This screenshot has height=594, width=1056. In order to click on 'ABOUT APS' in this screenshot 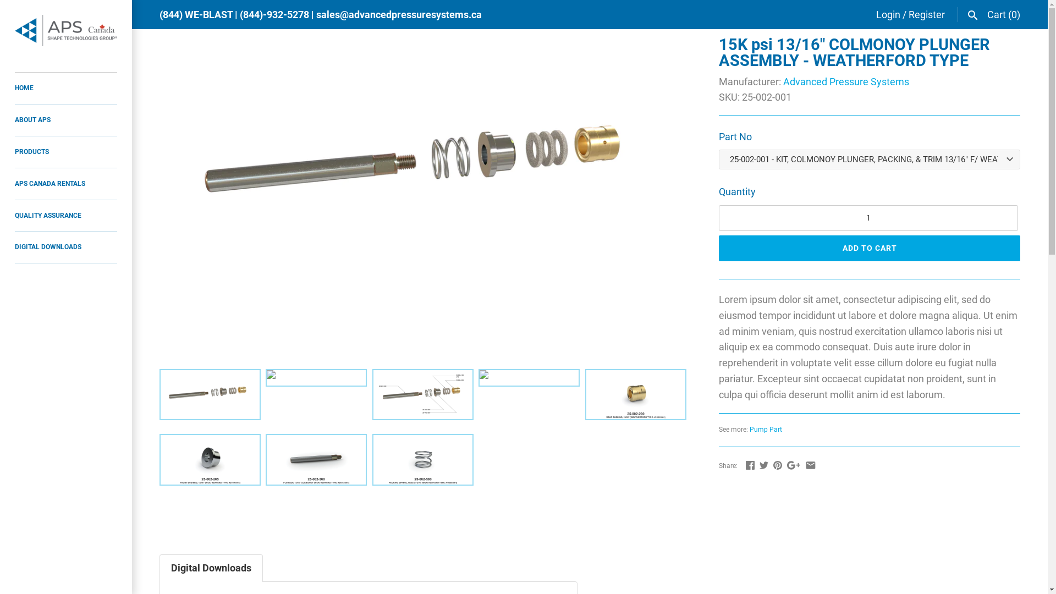, I will do `click(65, 120)`.